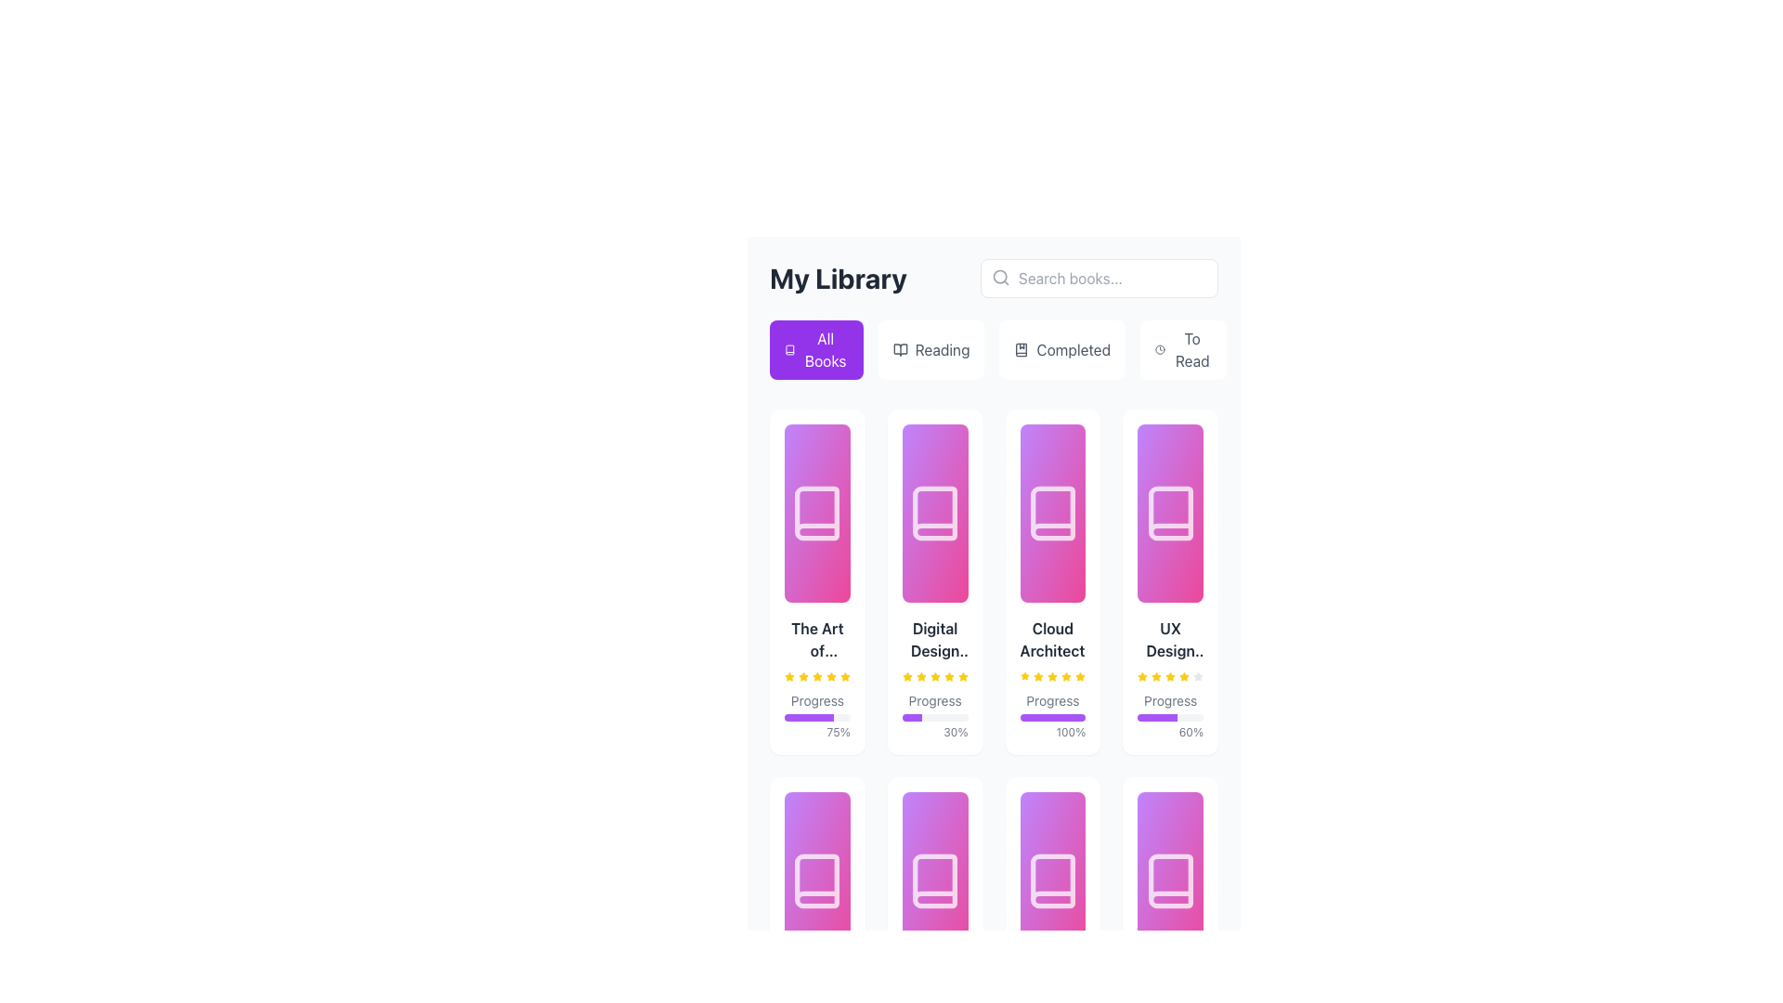 This screenshot has width=1783, height=1003. Describe the element at coordinates (1052, 716) in the screenshot. I see `the horizontal progress bar with a purple filling located within the 'Cloud Architect' card, situated below the 'Progress' label and above the '100%' value text` at that location.